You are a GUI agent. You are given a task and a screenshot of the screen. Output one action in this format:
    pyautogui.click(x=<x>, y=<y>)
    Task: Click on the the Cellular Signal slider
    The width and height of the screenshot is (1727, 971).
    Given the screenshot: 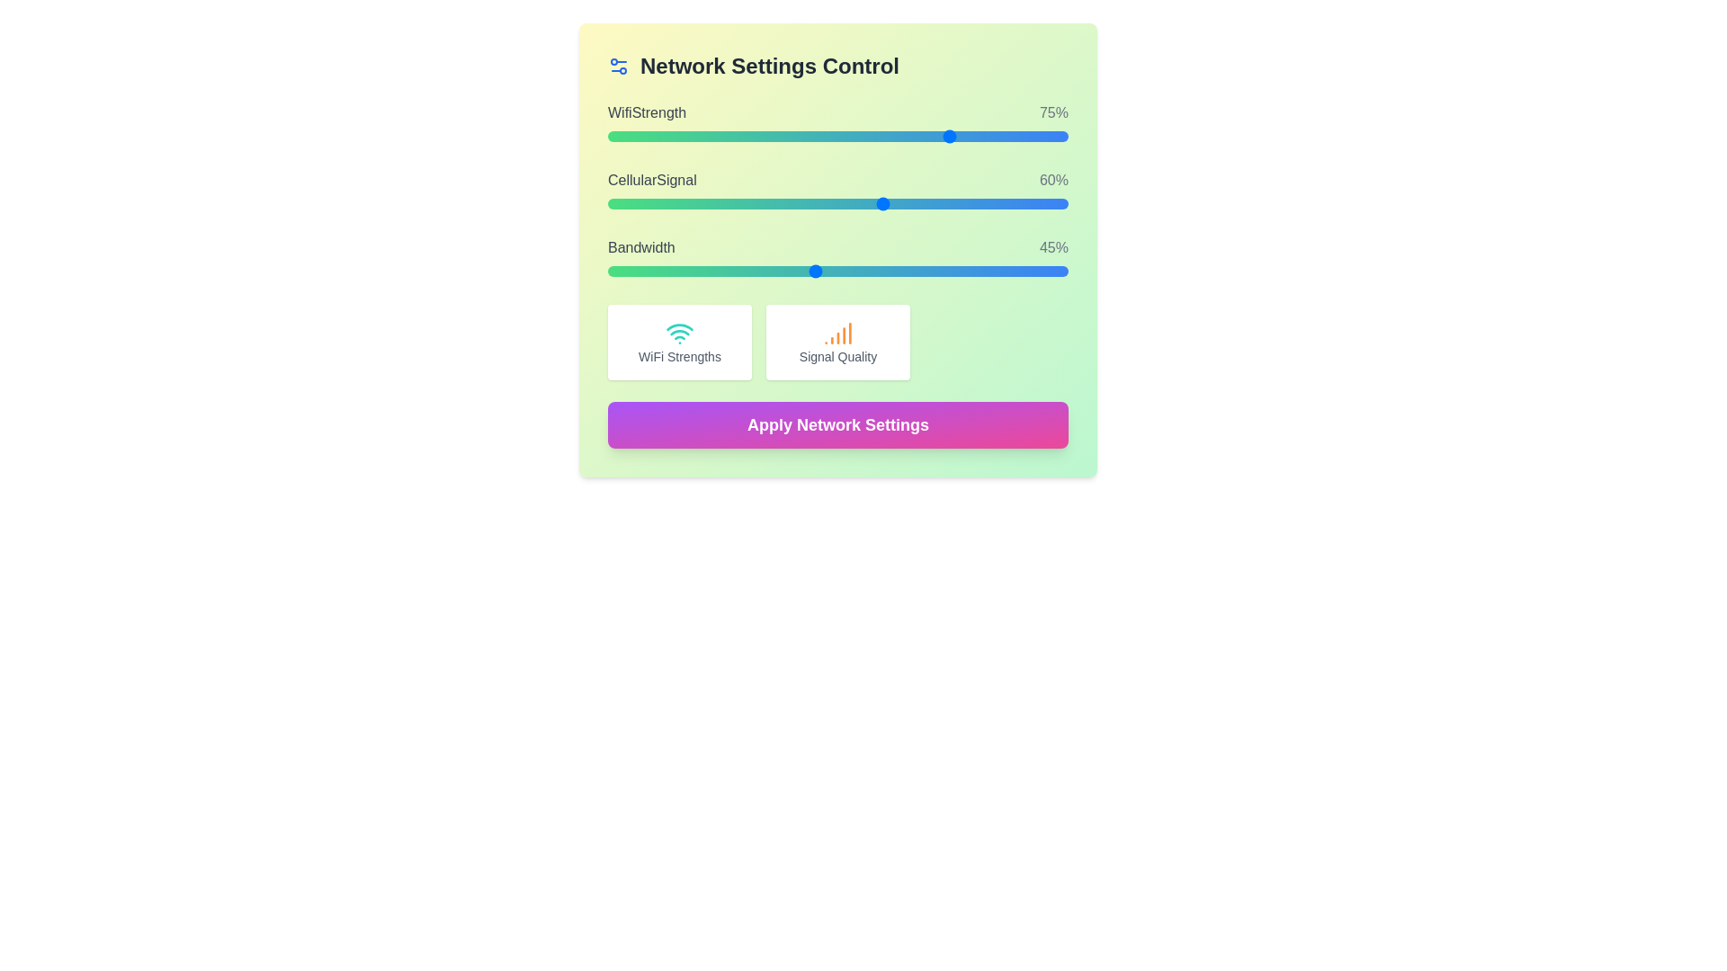 What is the action you would take?
    pyautogui.click(x=880, y=203)
    